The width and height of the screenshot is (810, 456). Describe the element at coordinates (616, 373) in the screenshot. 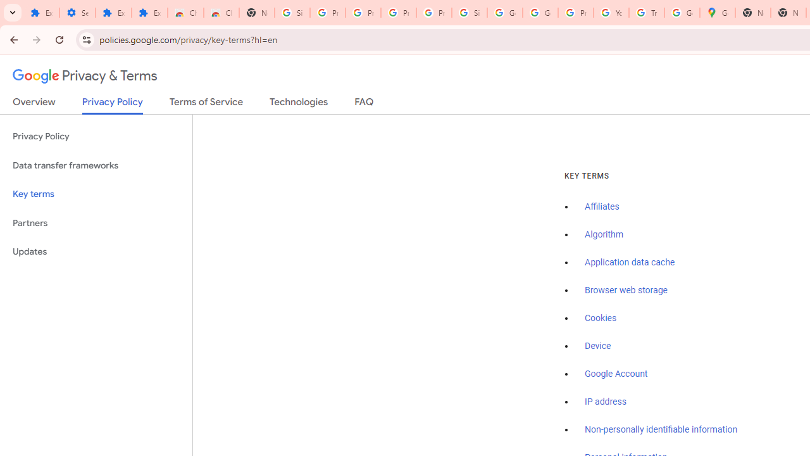

I see `'Google Account'` at that location.